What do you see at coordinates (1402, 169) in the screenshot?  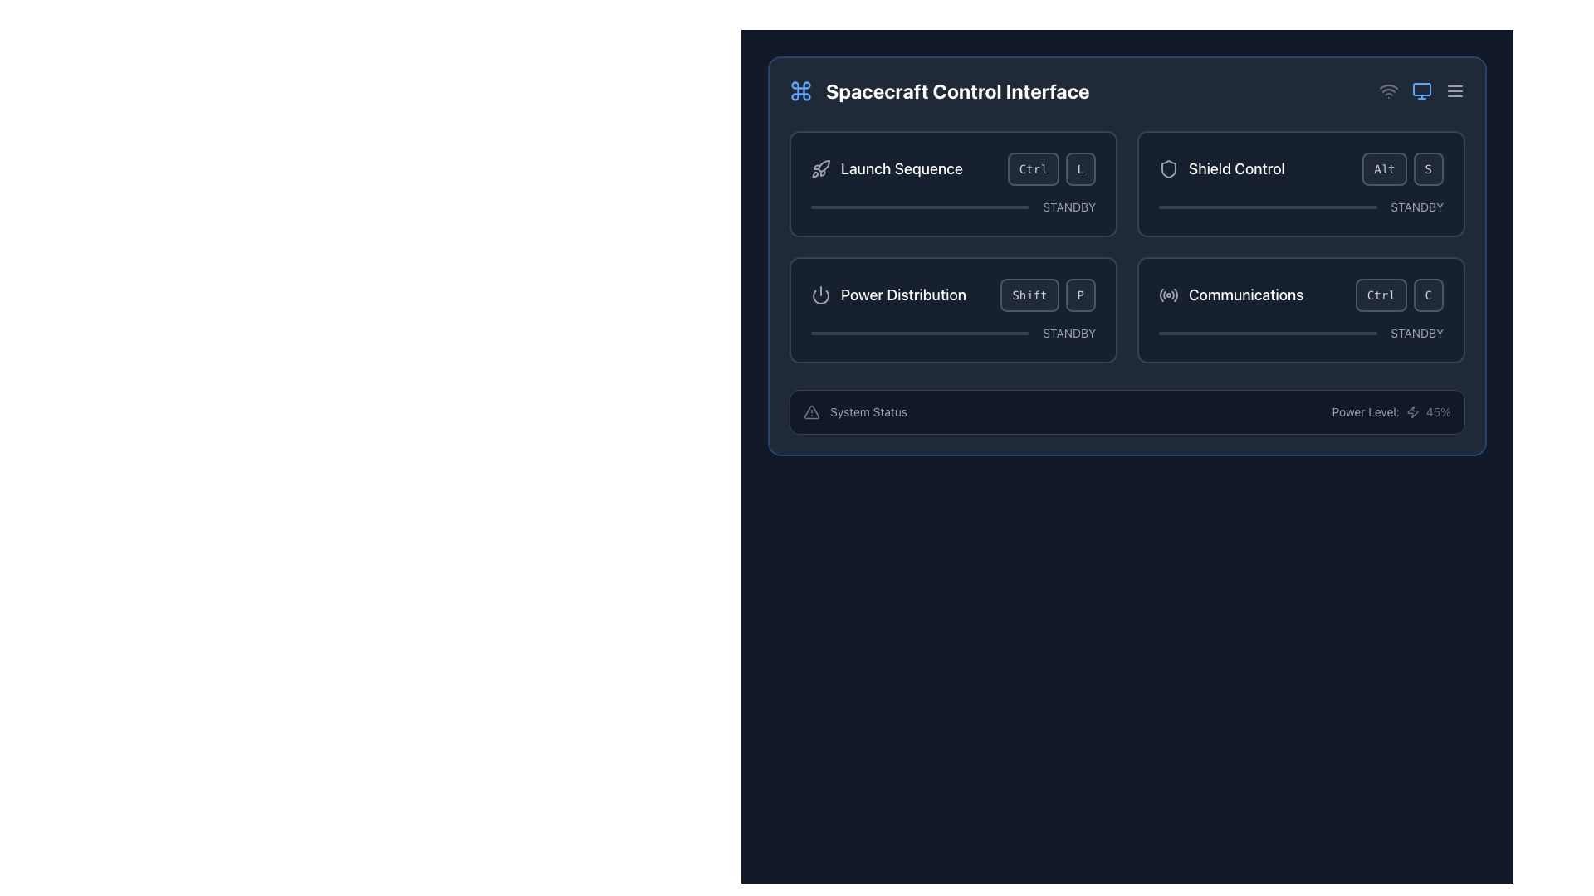 I see `the Keyboard shortcut display consisting of the 'Alt' and 'S' buttons, located in the upper-right quadrant of the interface inside the 'Shield Control' panel` at bounding box center [1402, 169].